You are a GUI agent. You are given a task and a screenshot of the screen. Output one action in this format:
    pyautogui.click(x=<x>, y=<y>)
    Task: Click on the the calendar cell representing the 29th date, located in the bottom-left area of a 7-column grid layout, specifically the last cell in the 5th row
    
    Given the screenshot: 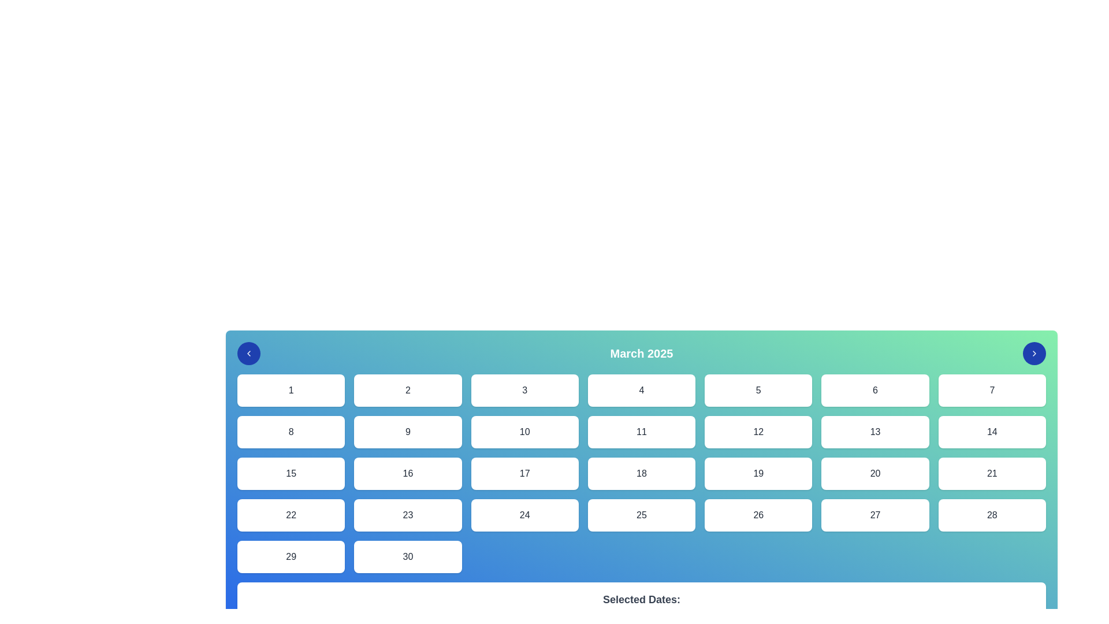 What is the action you would take?
    pyautogui.click(x=291, y=556)
    